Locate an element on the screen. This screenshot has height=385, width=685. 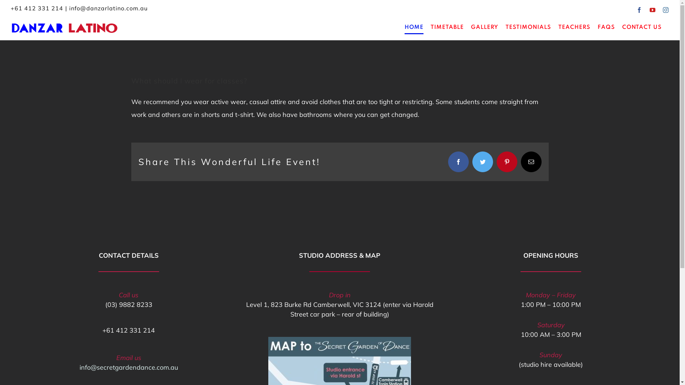
'TEACHERS' is located at coordinates (574, 27).